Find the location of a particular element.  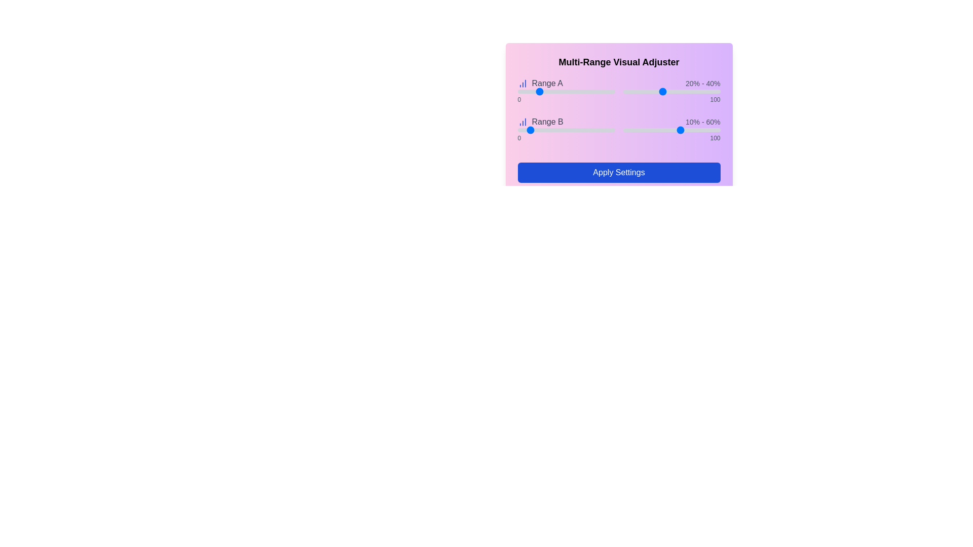

the 'Range B' text label, which is styled in gray and positioned next to a blue visual chart icon within the 'Multi-Range Visual Adjuster' interface is located at coordinates (540, 121).